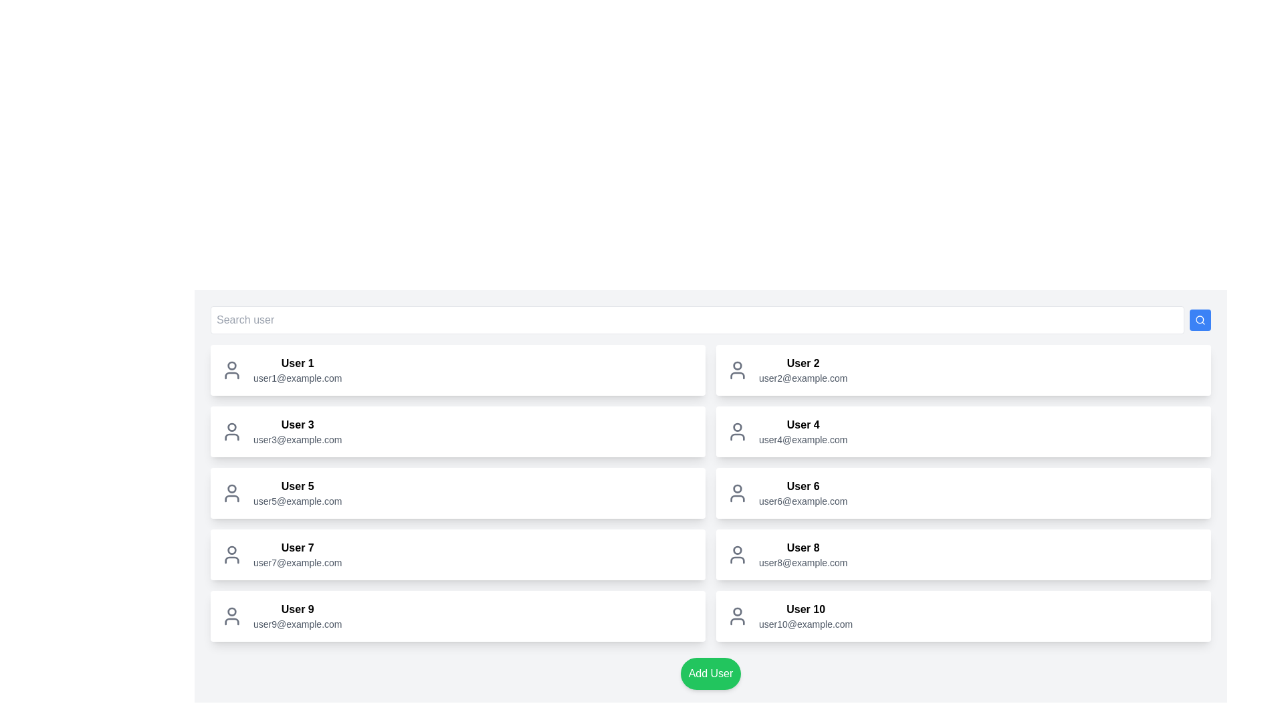 The width and height of the screenshot is (1284, 722). Describe the element at coordinates (737, 493) in the screenshot. I see `the user icon SVG graphic representing 'User 6' located at the top-left corner of the user information card` at that location.